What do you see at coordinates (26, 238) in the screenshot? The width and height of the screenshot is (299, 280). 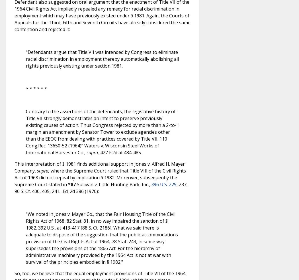 I see `'"We noted in Jones v. Mayer Co., that the Fair Housing Title of the Civil Rights Act of 1968, 82 Stat. 81, in no way impaired the sanction of § 1982. 392 U.S., at 413-417 [88 S. Ct. 2186]. What we said there is adequate to dispose of the suggestion that the public accommodations provision of the Civil Rights Act of 1964, 78 Stat. 243, in some way supersedes the provisions of the 1866 Act. For the hierarchy of administrative machinery provided by the 1964 Act is not at war with survival of the principles embodied in § 1982."'` at bounding box center [26, 238].